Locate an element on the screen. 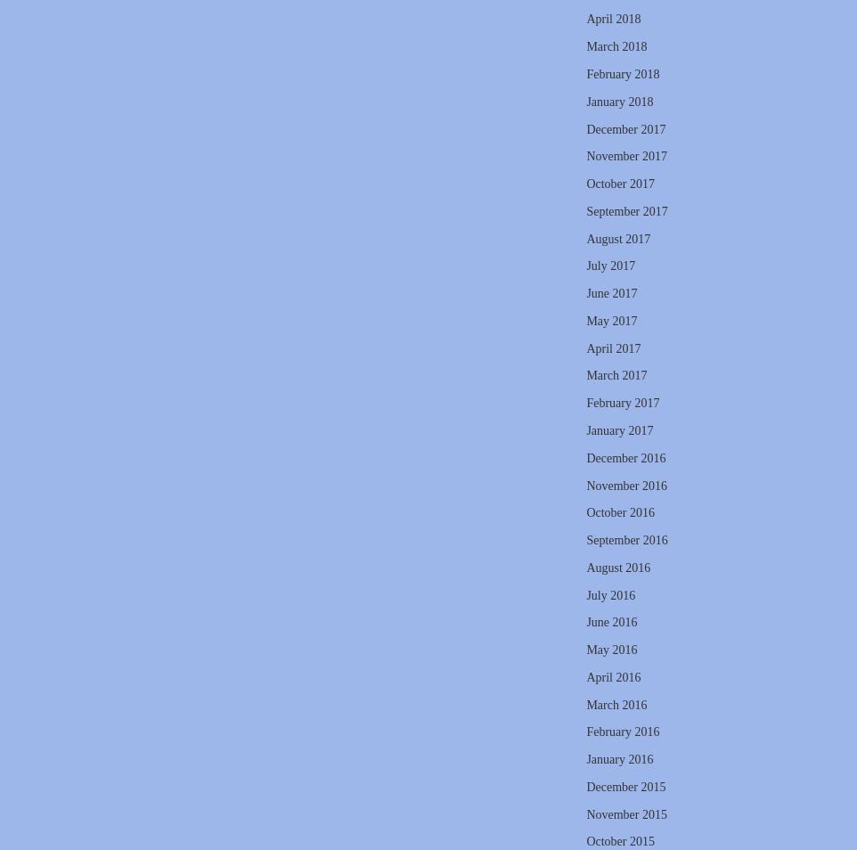  'January 2018' is located at coordinates (618, 100).